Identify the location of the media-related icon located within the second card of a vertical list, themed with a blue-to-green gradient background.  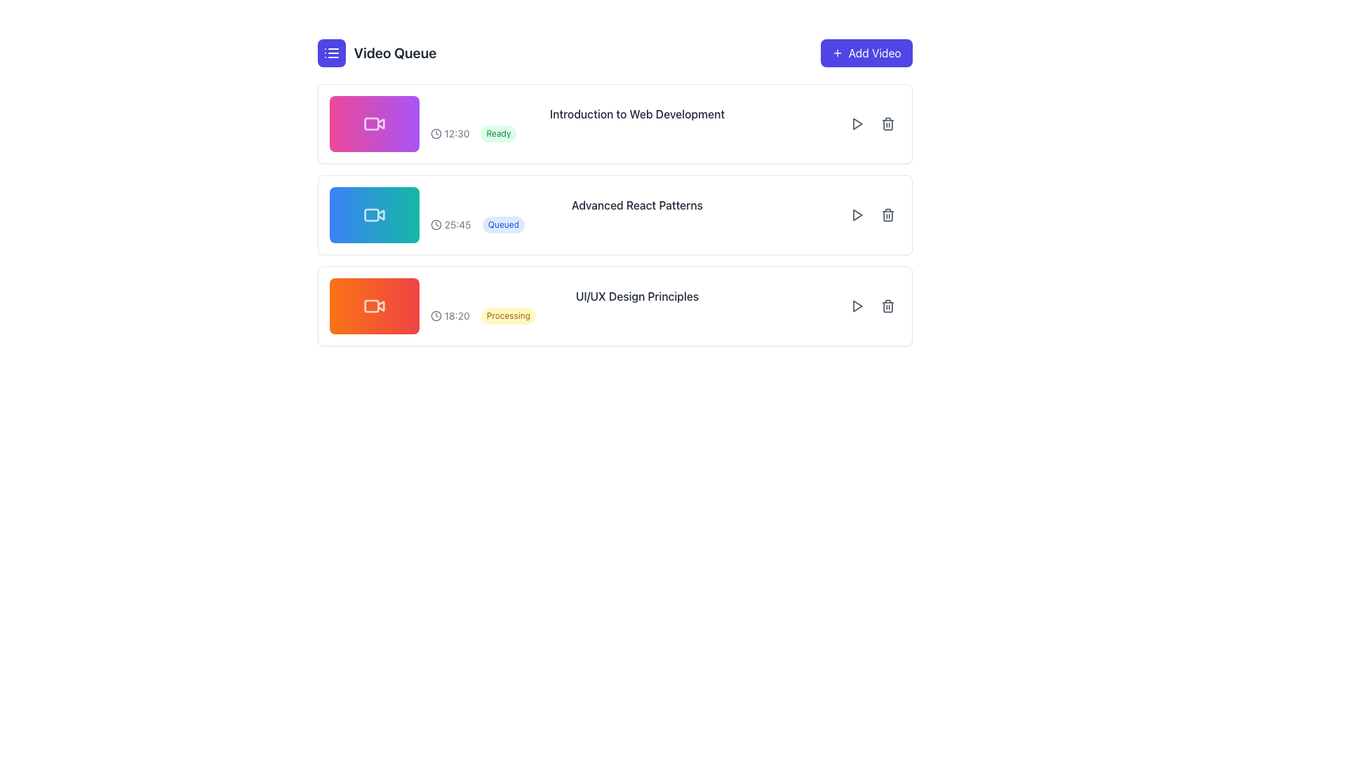
(374, 215).